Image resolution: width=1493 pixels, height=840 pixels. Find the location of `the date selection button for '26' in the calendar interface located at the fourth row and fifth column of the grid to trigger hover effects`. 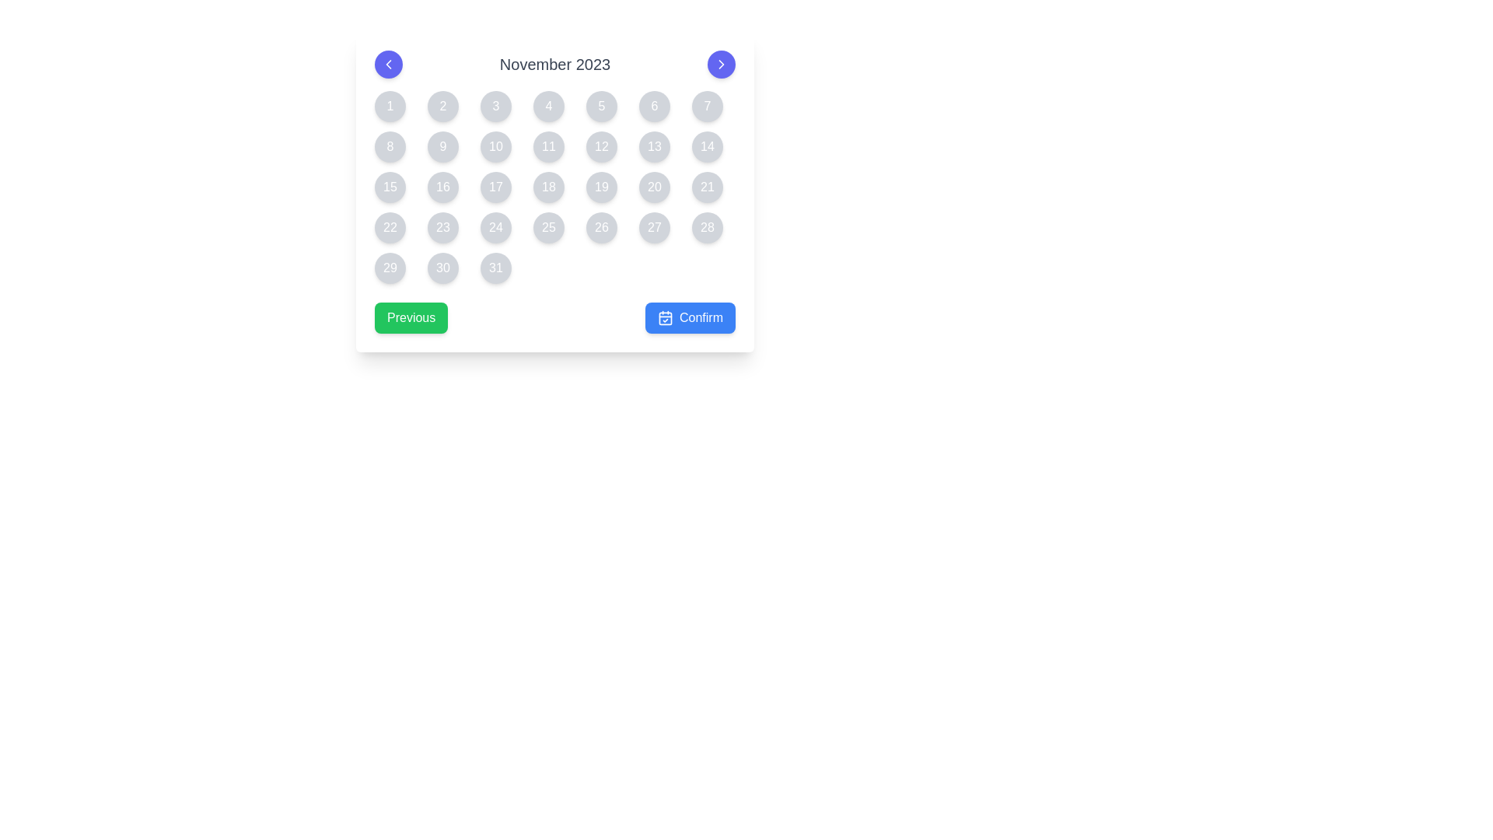

the date selection button for '26' in the calendar interface located at the fourth row and fifth column of the grid to trigger hover effects is located at coordinates (600, 228).